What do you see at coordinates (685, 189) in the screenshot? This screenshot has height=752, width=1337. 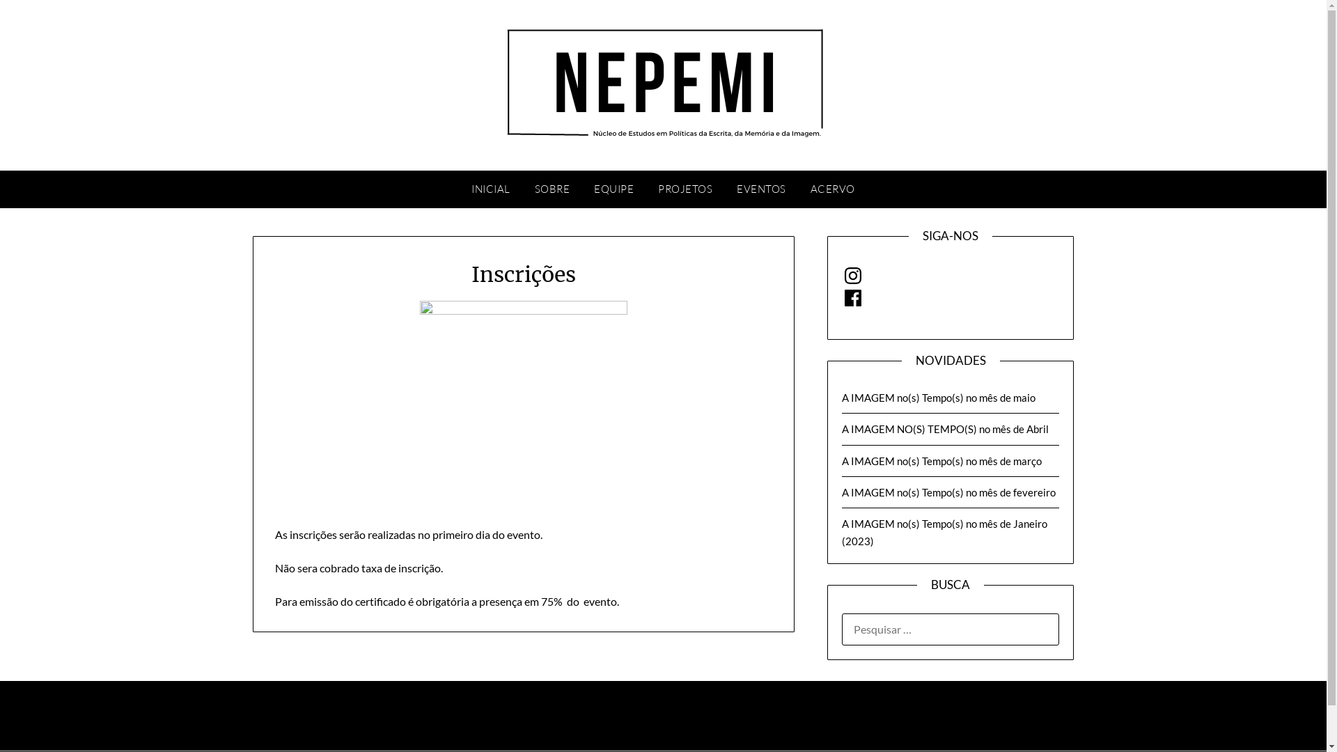 I see `'PROJETOS'` at bounding box center [685, 189].